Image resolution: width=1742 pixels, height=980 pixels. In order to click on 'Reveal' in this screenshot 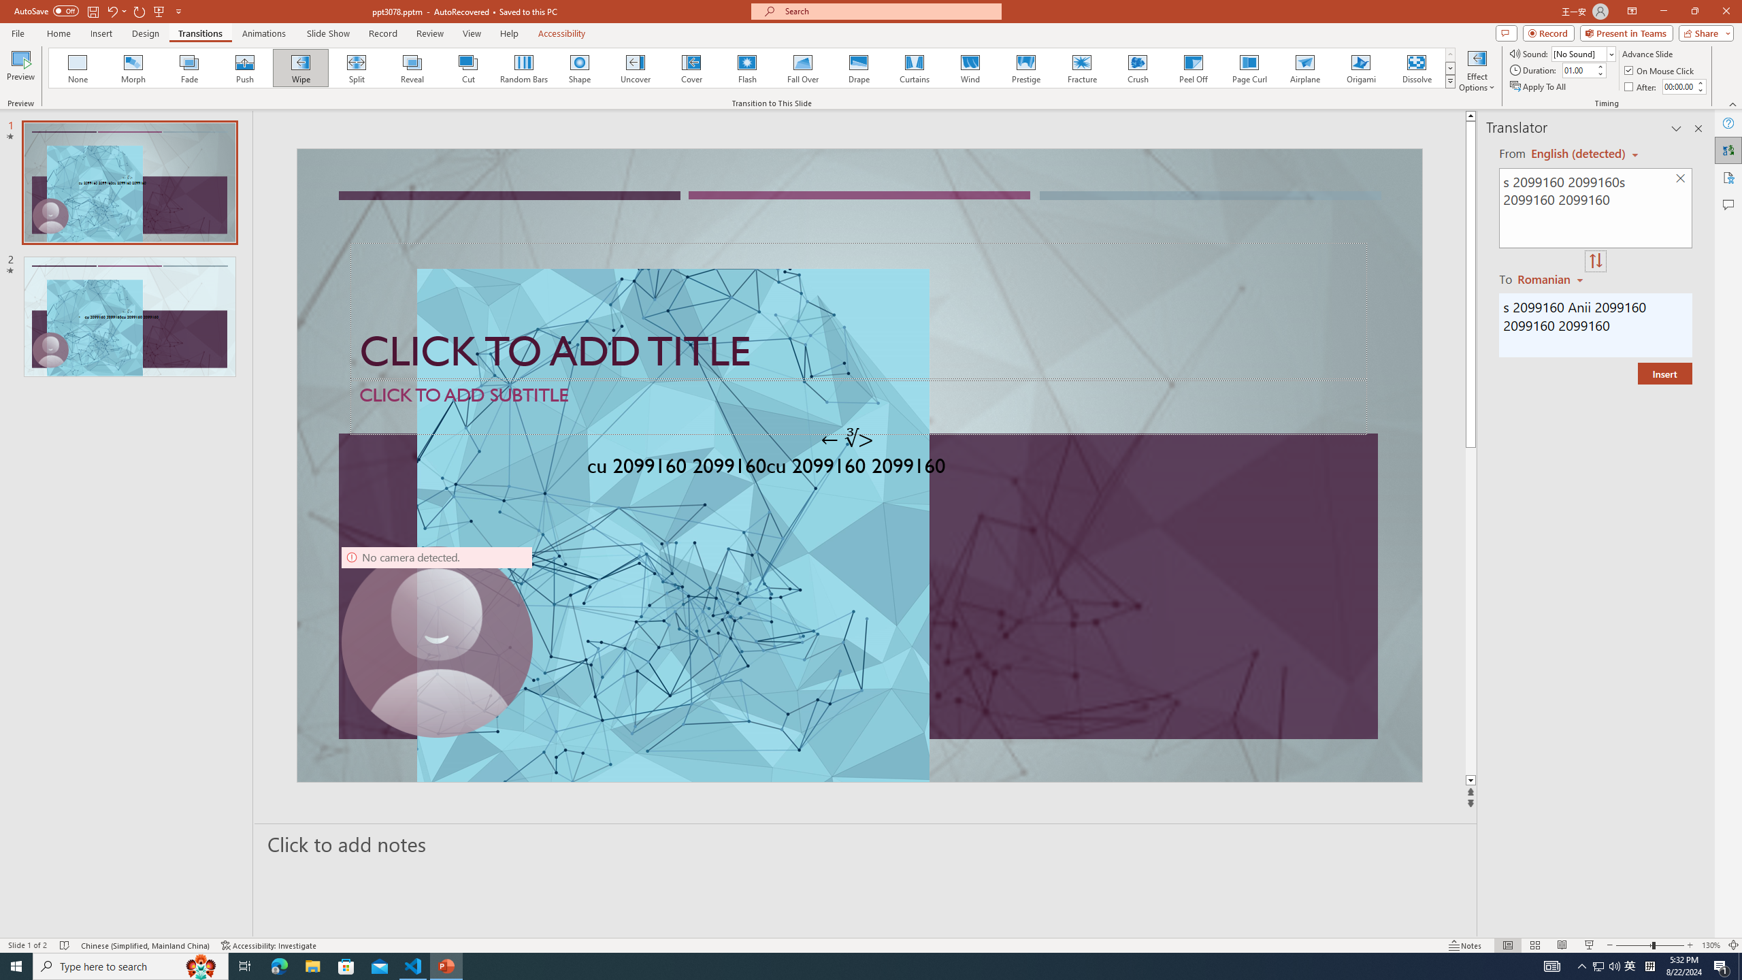, I will do `click(412, 67)`.